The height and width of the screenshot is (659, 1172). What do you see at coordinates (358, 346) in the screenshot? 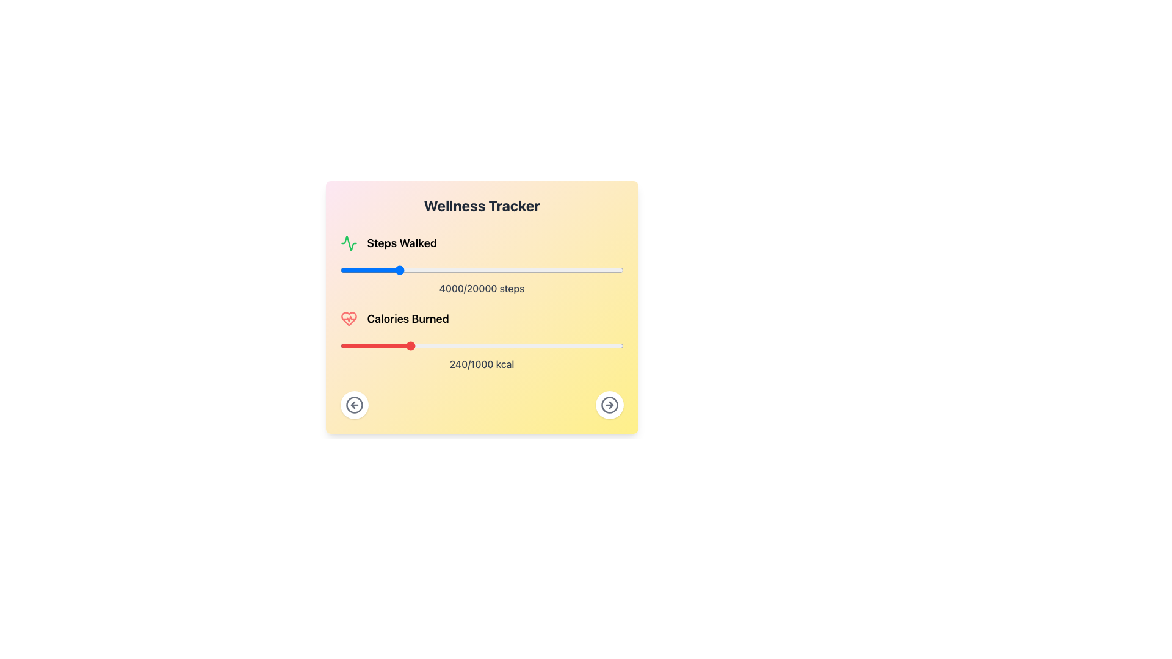
I see `calories burned slider` at bounding box center [358, 346].